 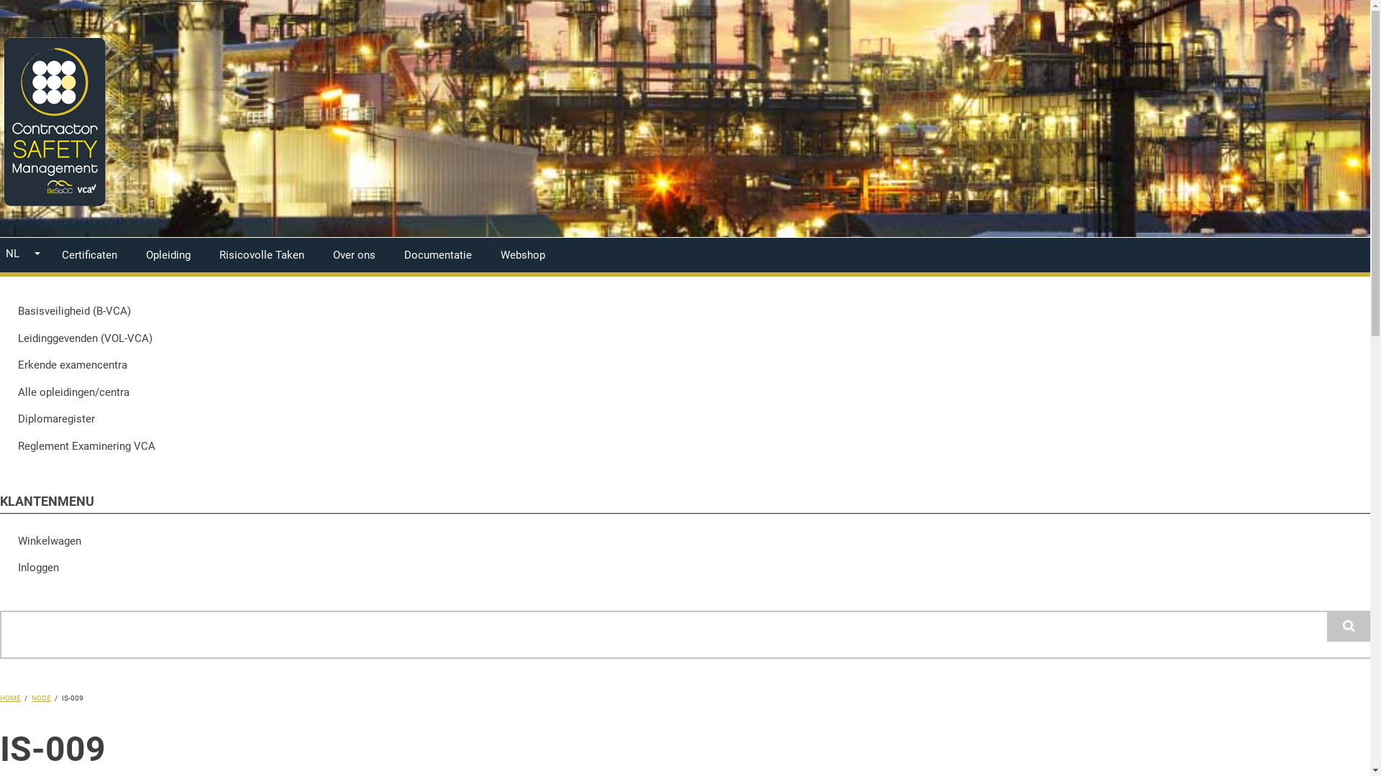 What do you see at coordinates (168, 254) in the screenshot?
I see `'Opleiding'` at bounding box center [168, 254].